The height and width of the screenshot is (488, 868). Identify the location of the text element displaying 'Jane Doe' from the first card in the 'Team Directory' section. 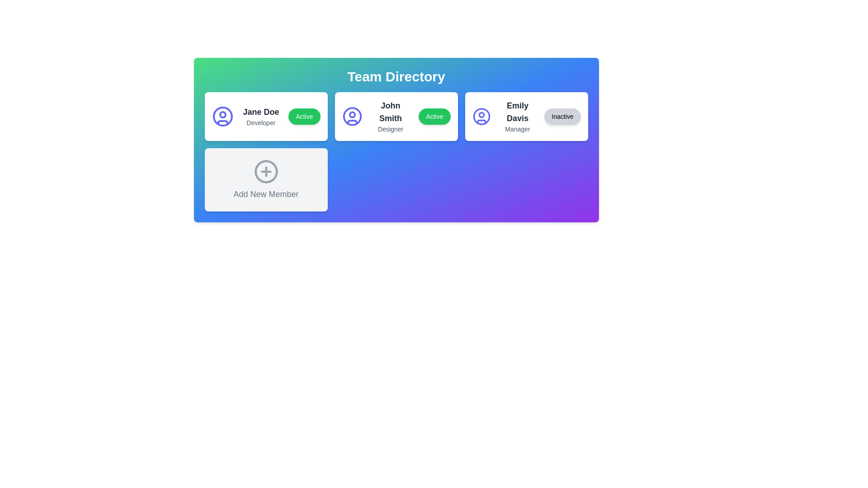
(260, 111).